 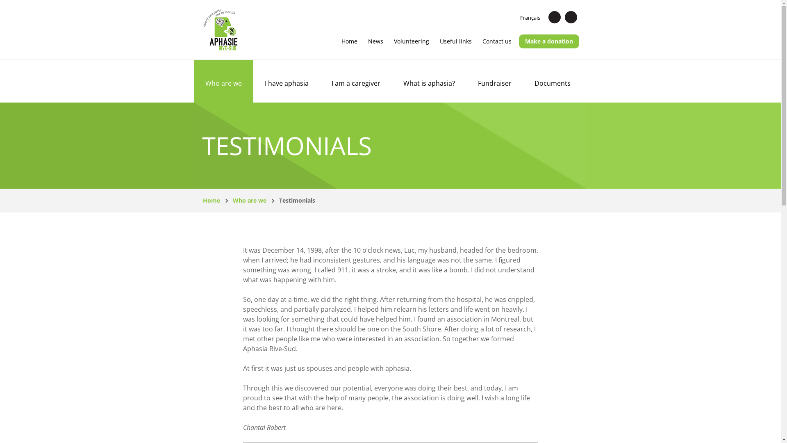 What do you see at coordinates (455, 41) in the screenshot?
I see `'Useful links'` at bounding box center [455, 41].